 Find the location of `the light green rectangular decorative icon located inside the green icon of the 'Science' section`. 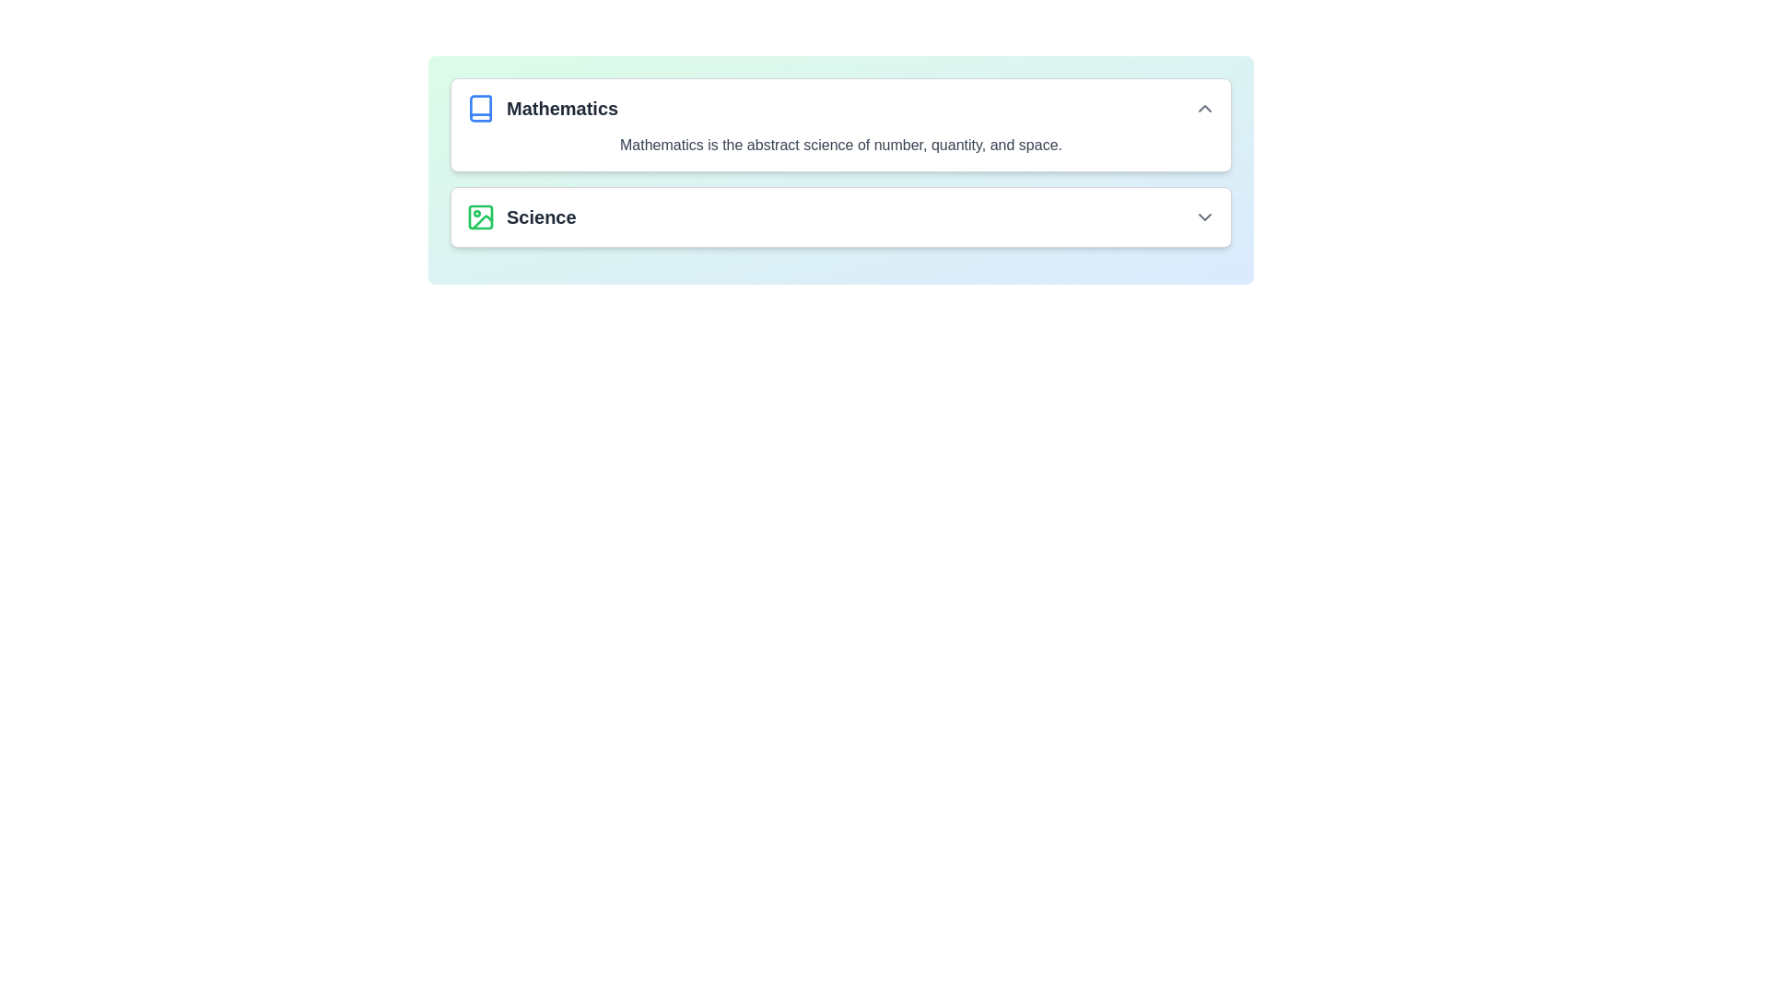

the light green rectangular decorative icon located inside the green icon of the 'Science' section is located at coordinates (481, 216).